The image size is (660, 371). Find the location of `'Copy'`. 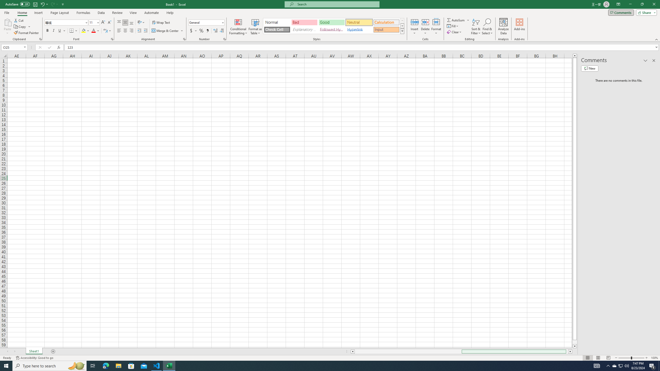

'Copy' is located at coordinates (22, 27).